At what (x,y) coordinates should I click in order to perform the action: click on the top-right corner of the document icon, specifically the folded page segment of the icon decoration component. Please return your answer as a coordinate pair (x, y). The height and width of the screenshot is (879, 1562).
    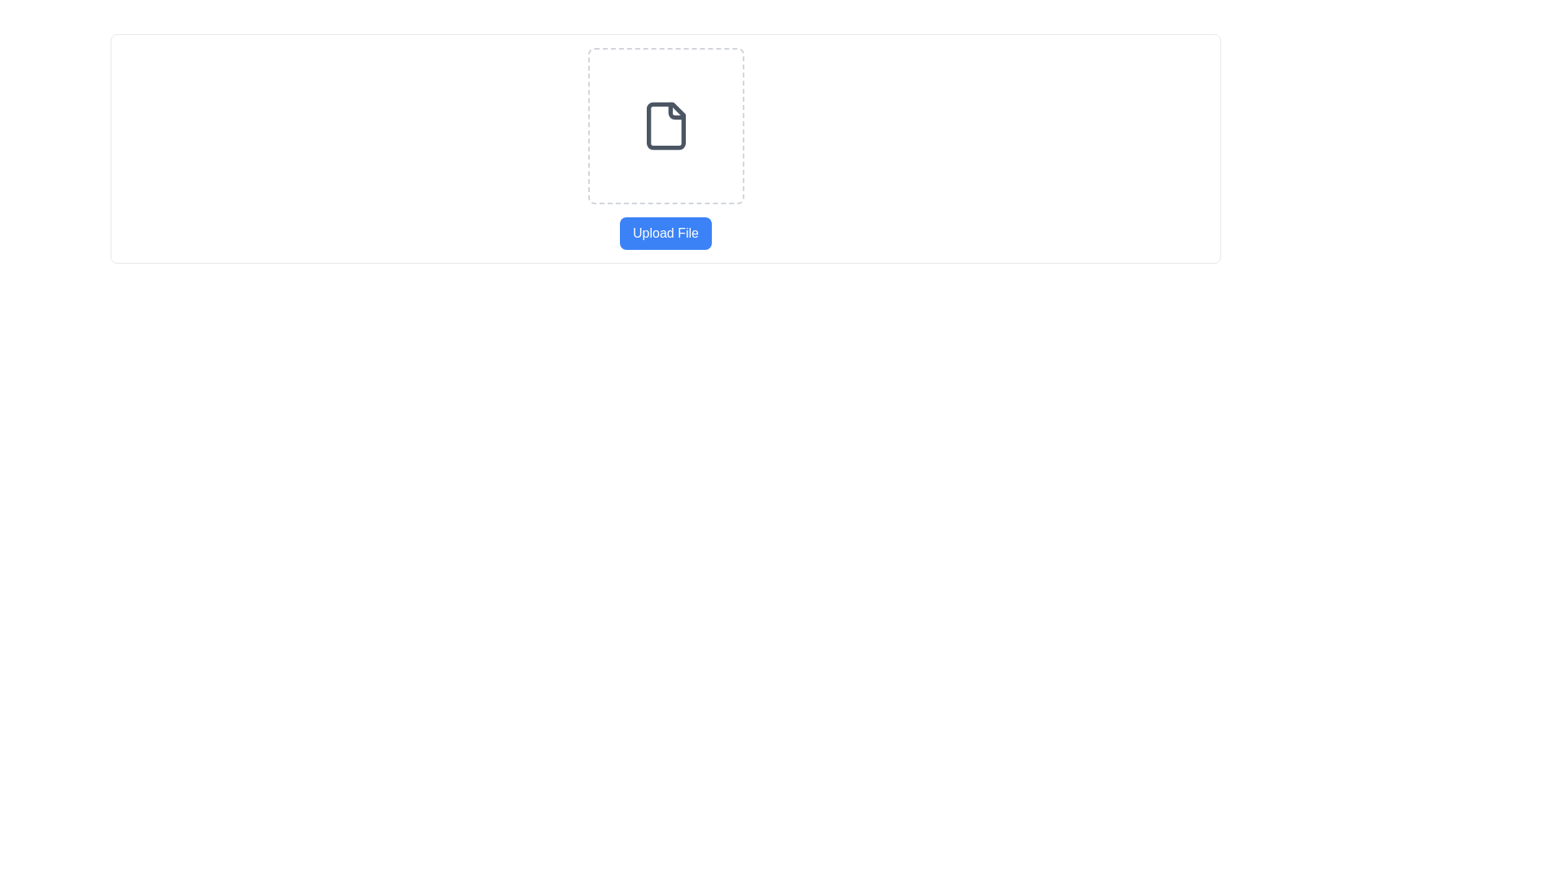
    Looking at the image, I should click on (676, 110).